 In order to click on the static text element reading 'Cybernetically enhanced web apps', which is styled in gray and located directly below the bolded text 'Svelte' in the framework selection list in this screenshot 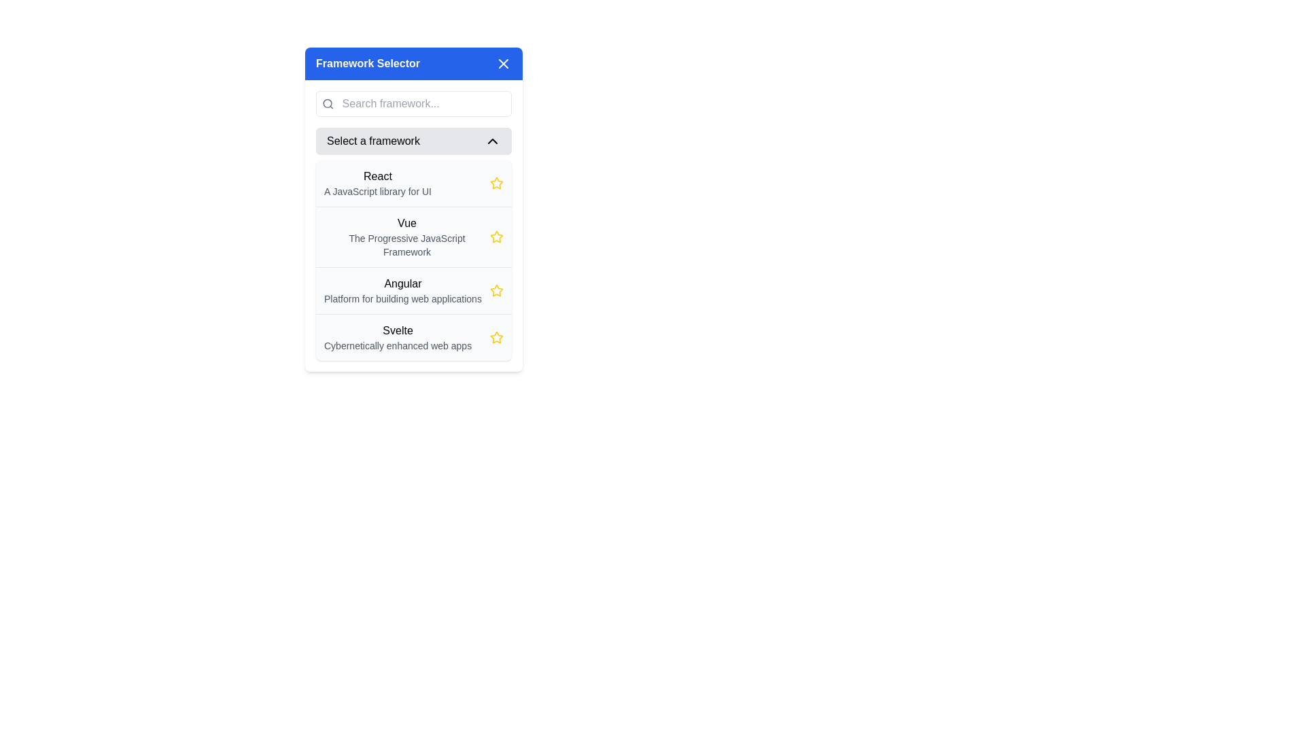, I will do `click(397, 345)`.